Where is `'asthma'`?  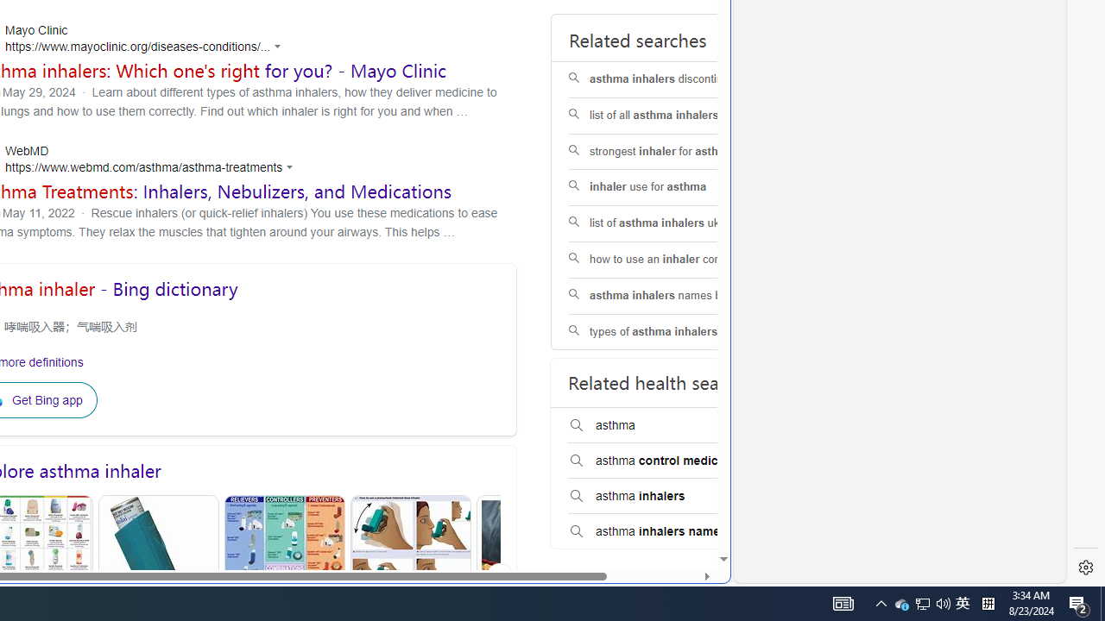
'asthma' is located at coordinates (677, 425).